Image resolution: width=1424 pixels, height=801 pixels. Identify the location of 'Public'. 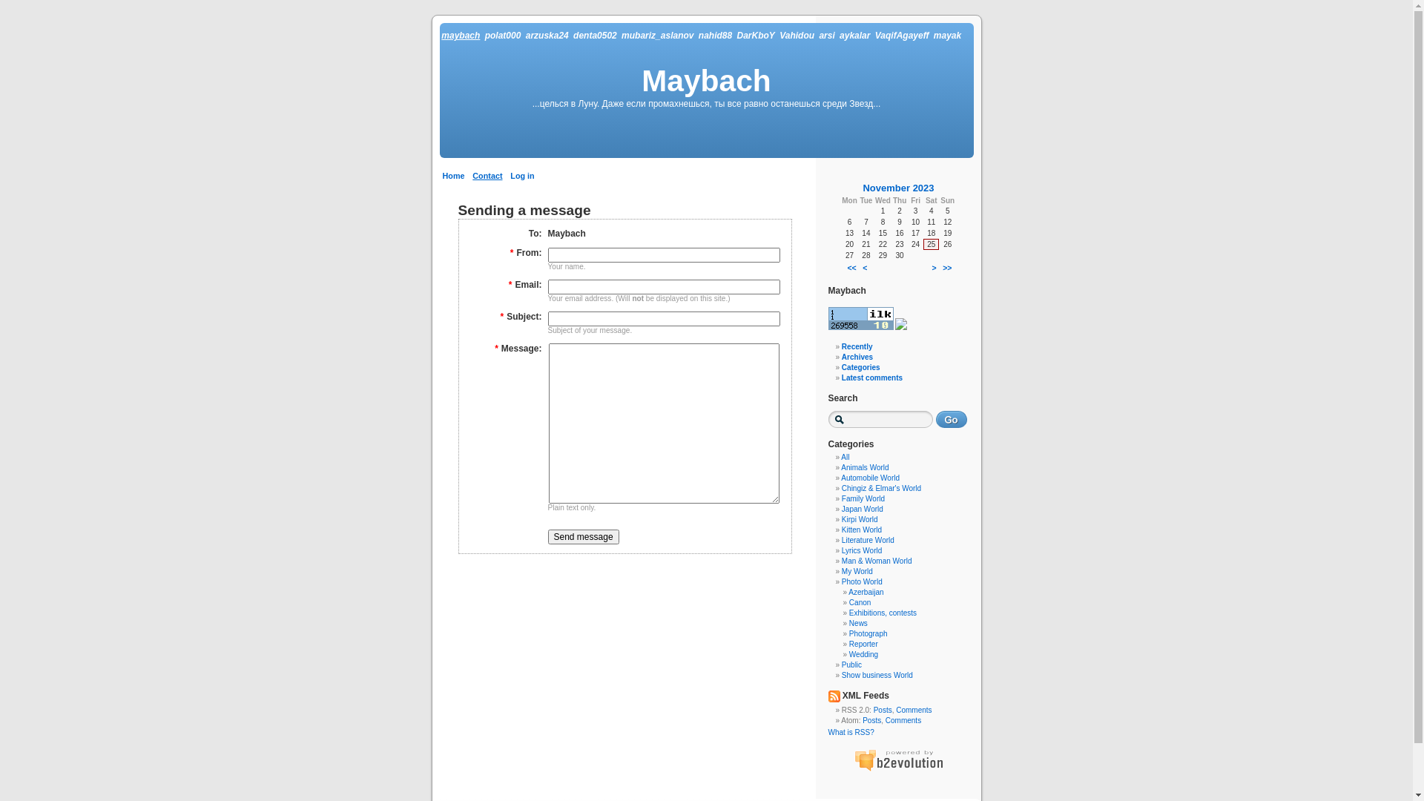
(851, 664).